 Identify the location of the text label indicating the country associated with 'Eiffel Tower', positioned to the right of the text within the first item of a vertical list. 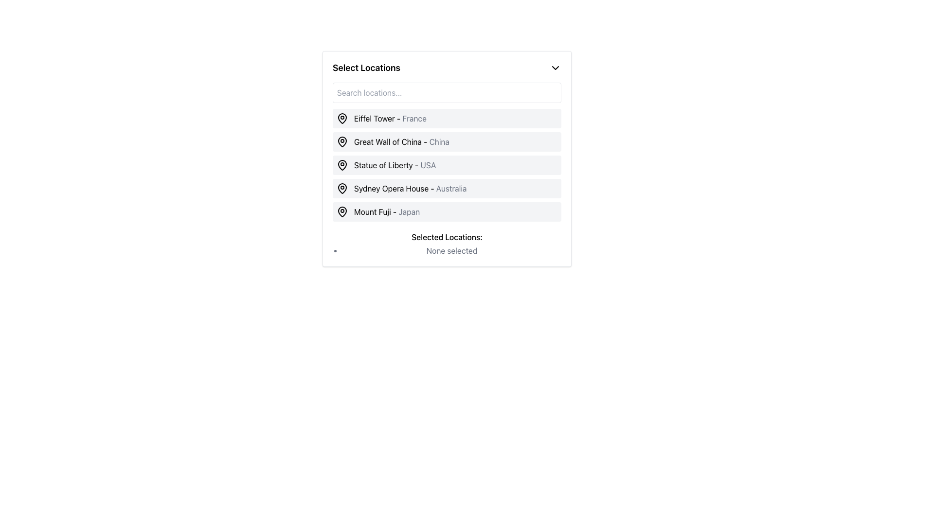
(414, 118).